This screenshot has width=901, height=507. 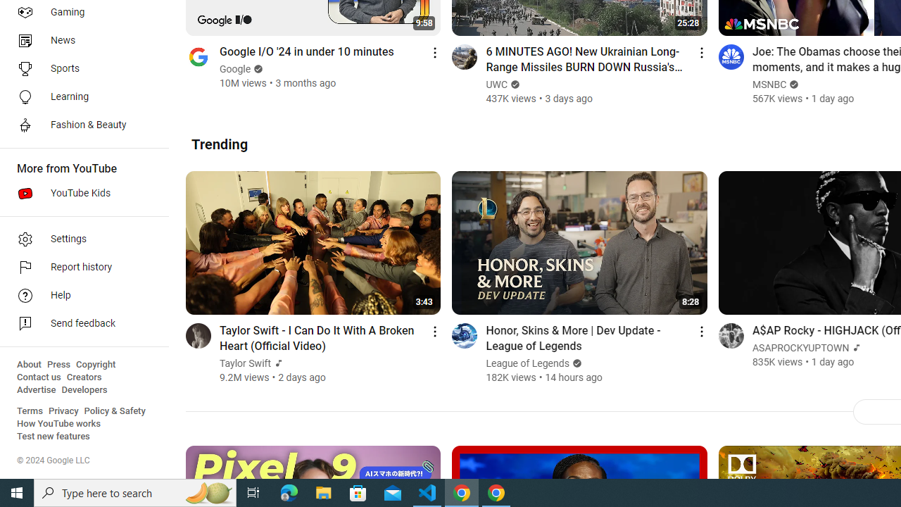 I want to click on 'Official Artist Channel', so click(x=855, y=348).